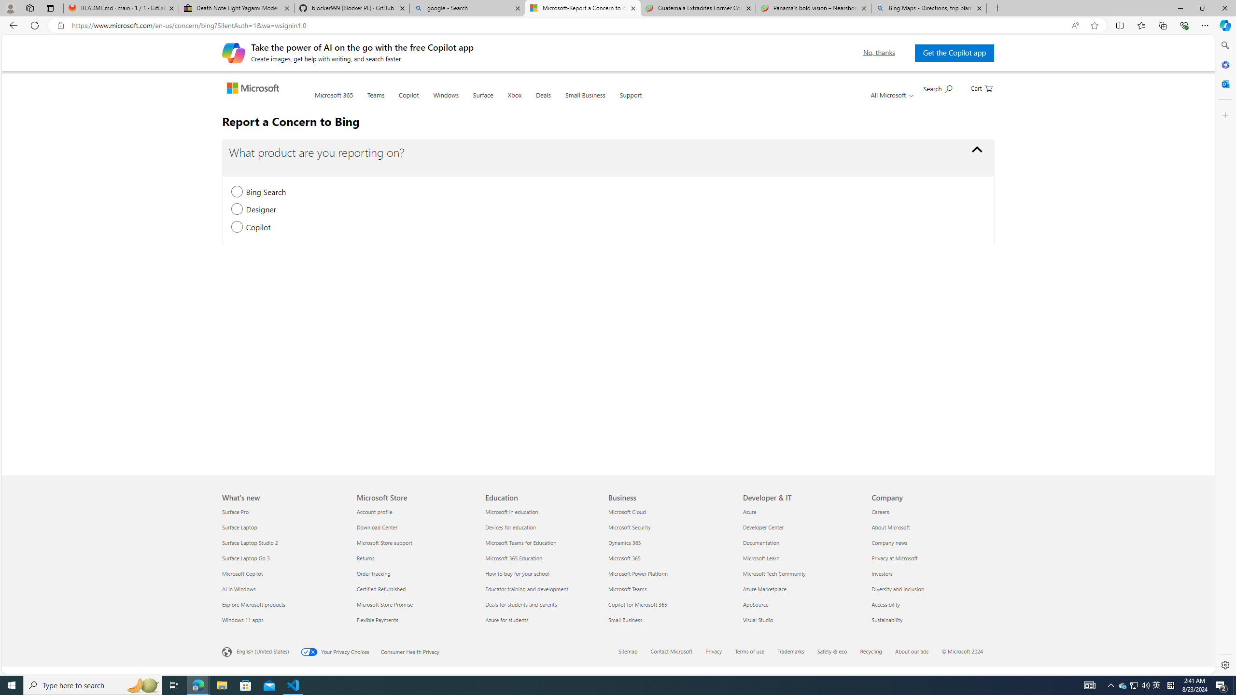 The width and height of the screenshot is (1236, 695). What do you see at coordinates (544, 573) in the screenshot?
I see `'How to buy for your school'` at bounding box center [544, 573].